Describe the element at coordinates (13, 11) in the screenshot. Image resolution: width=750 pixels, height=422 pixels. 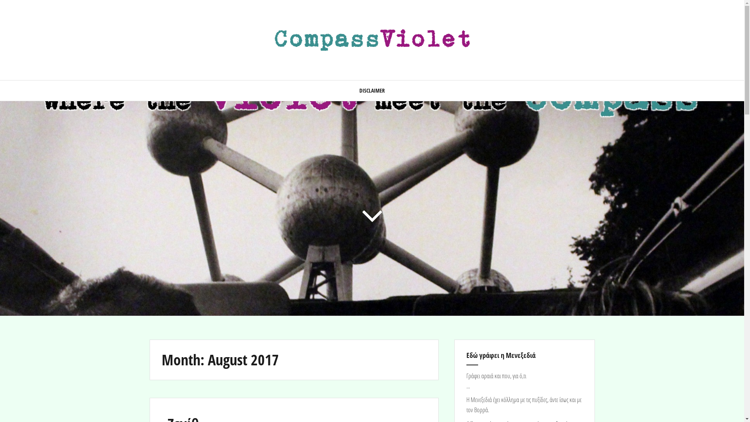
I see `'Search'` at that location.